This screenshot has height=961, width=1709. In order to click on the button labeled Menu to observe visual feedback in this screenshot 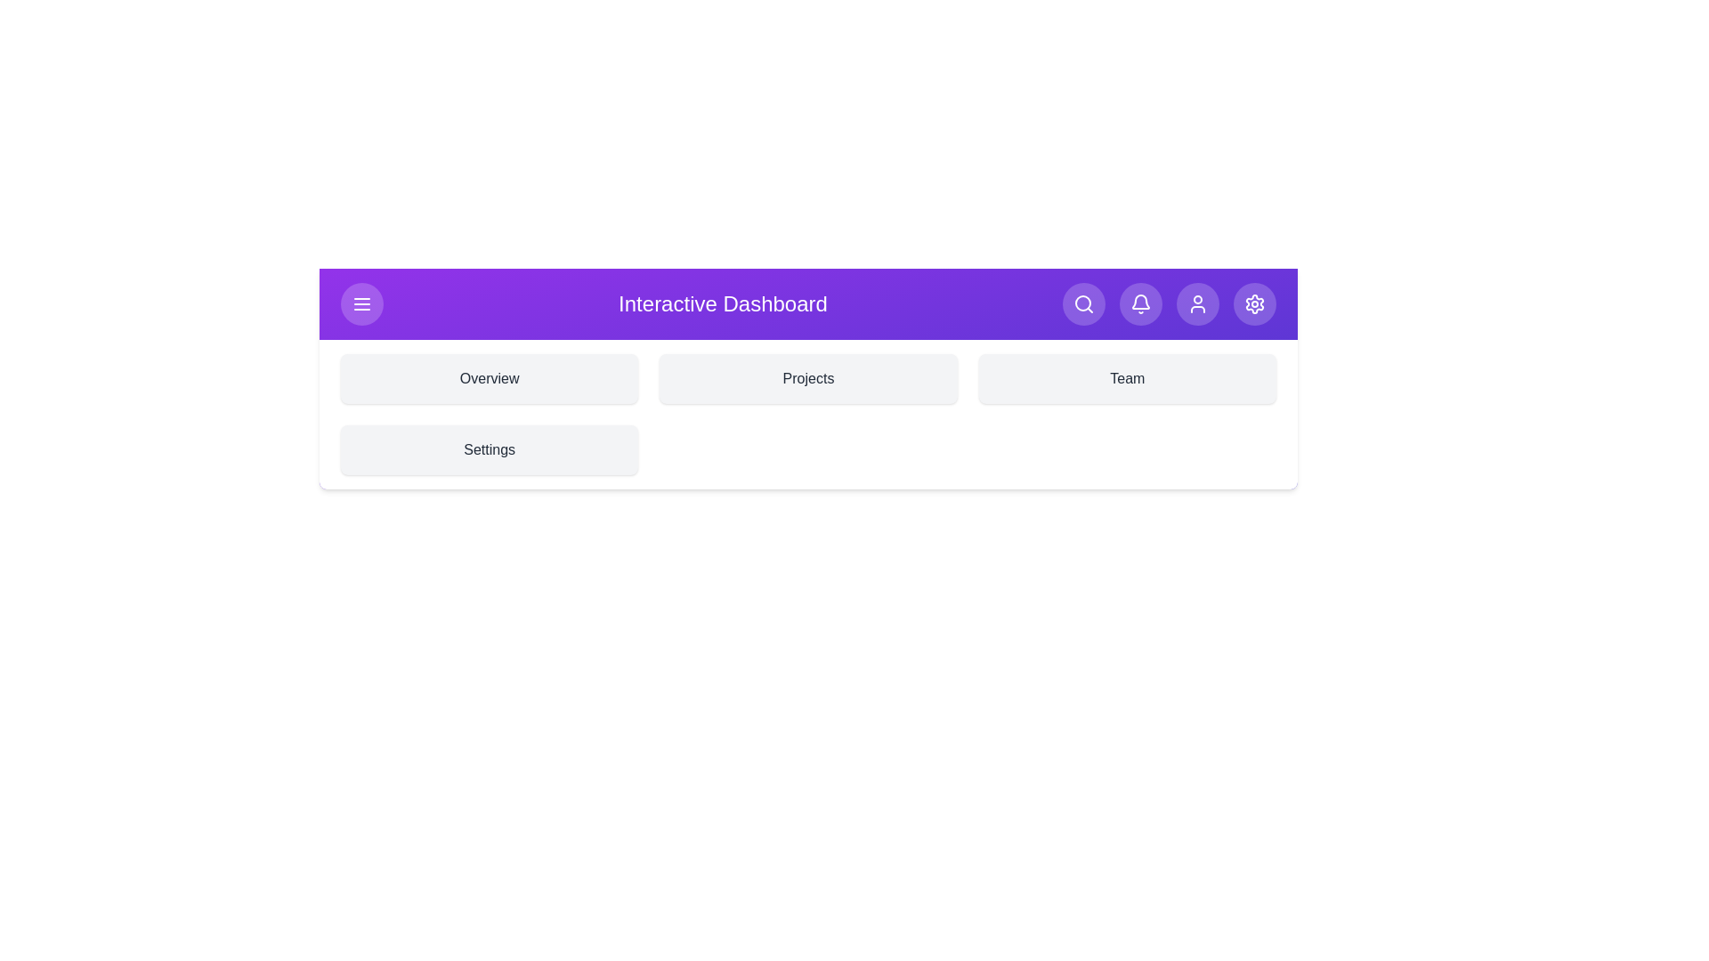, I will do `click(361, 303)`.